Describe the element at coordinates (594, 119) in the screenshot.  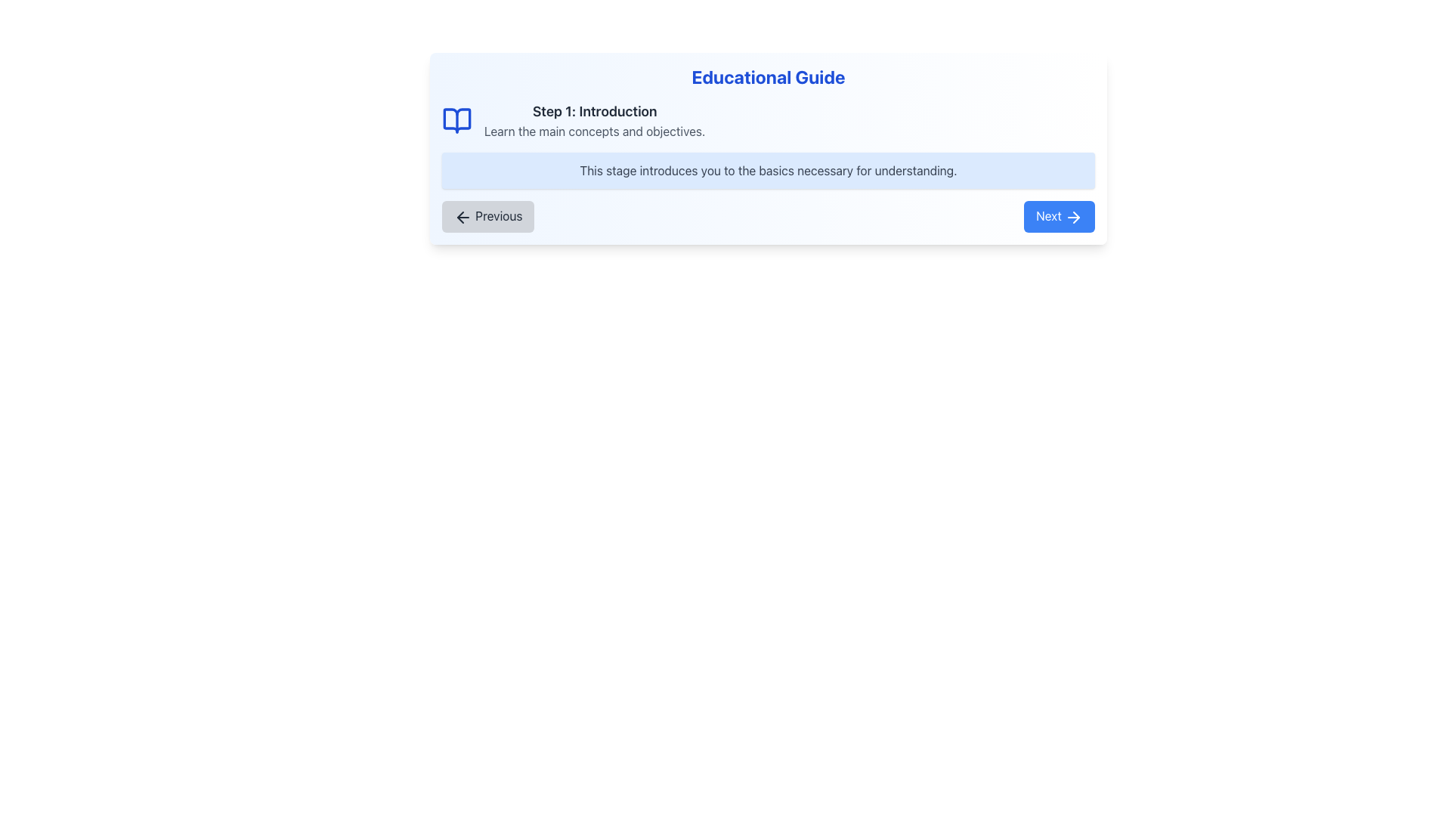
I see `the text block element displaying 'Step 1: Introduction' with a description about main concepts and objectives, located in the central upper part of the content panel` at that location.